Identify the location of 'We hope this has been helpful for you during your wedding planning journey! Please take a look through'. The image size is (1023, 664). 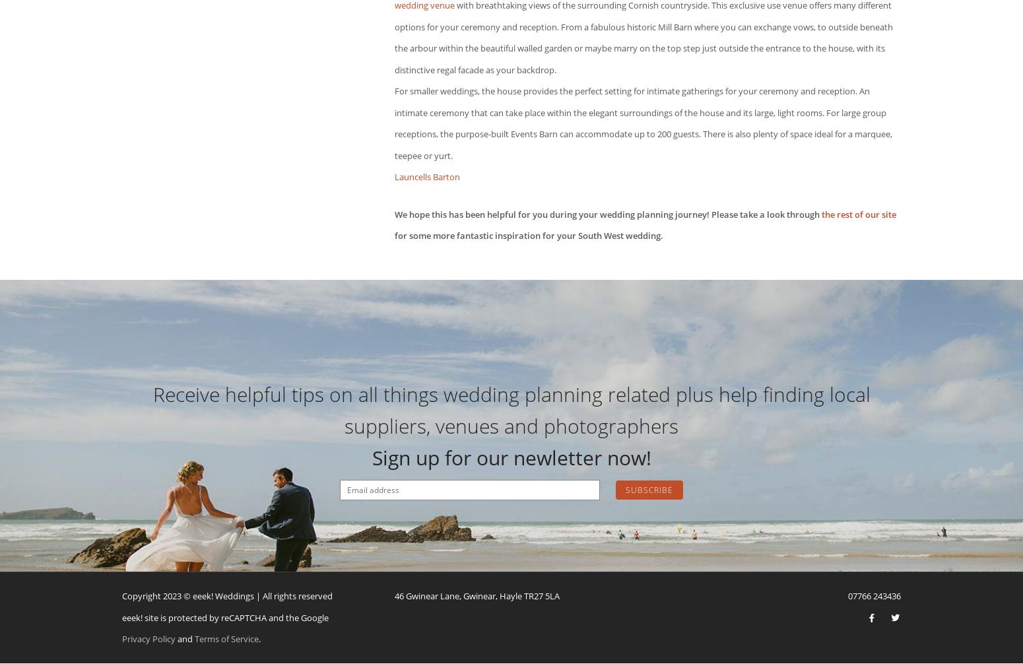
(608, 213).